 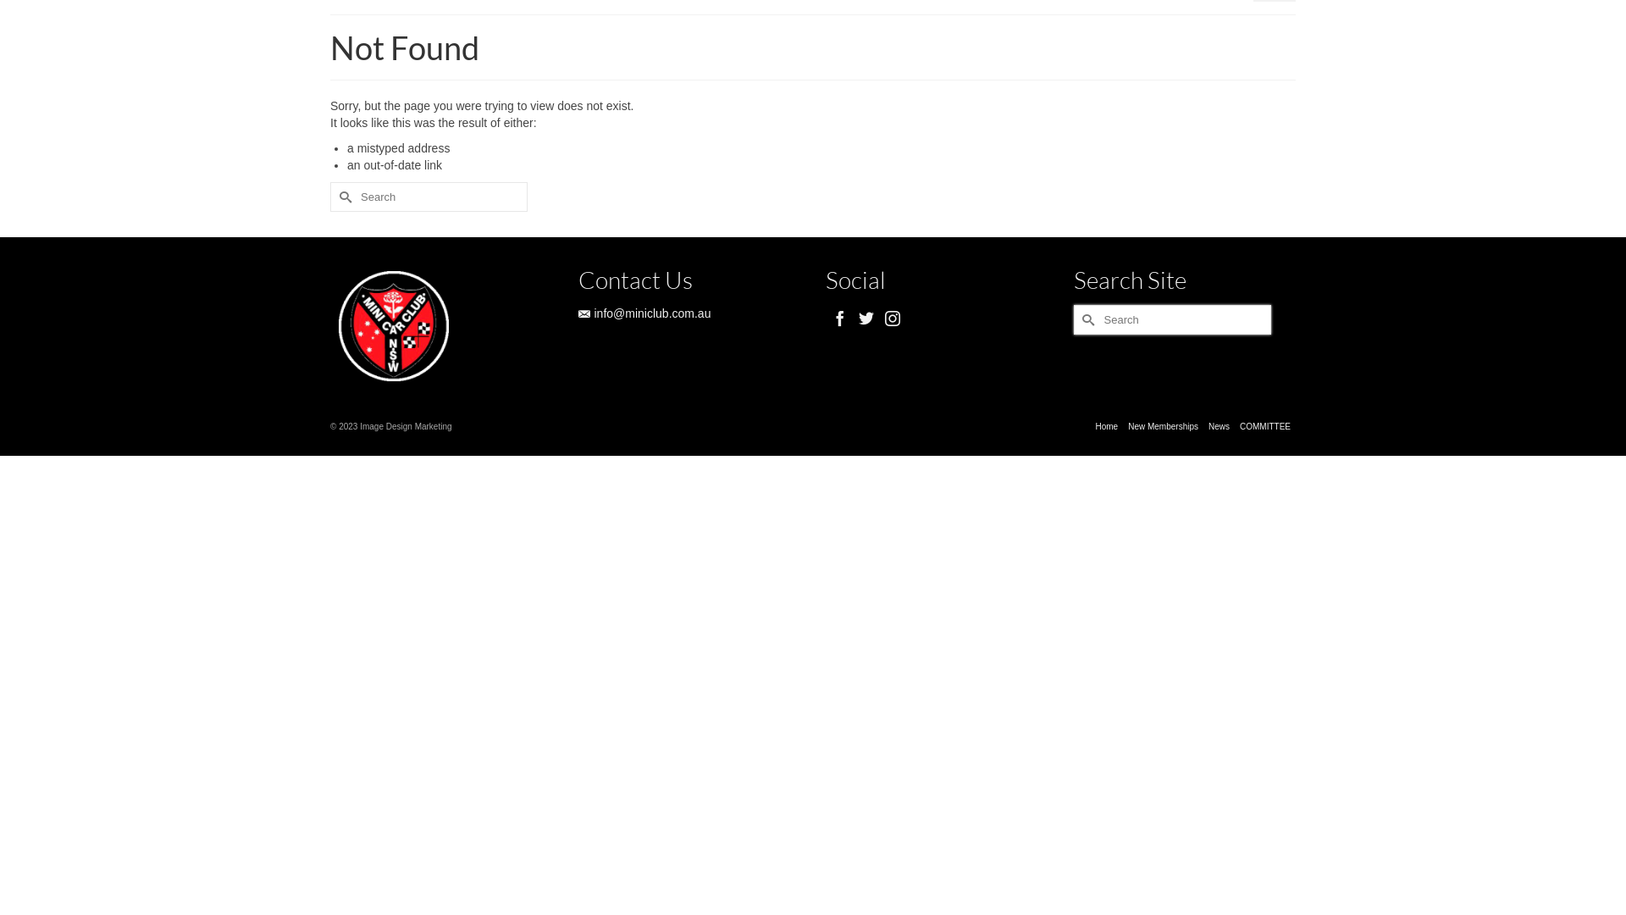 I want to click on 'Home', so click(x=1106, y=426).